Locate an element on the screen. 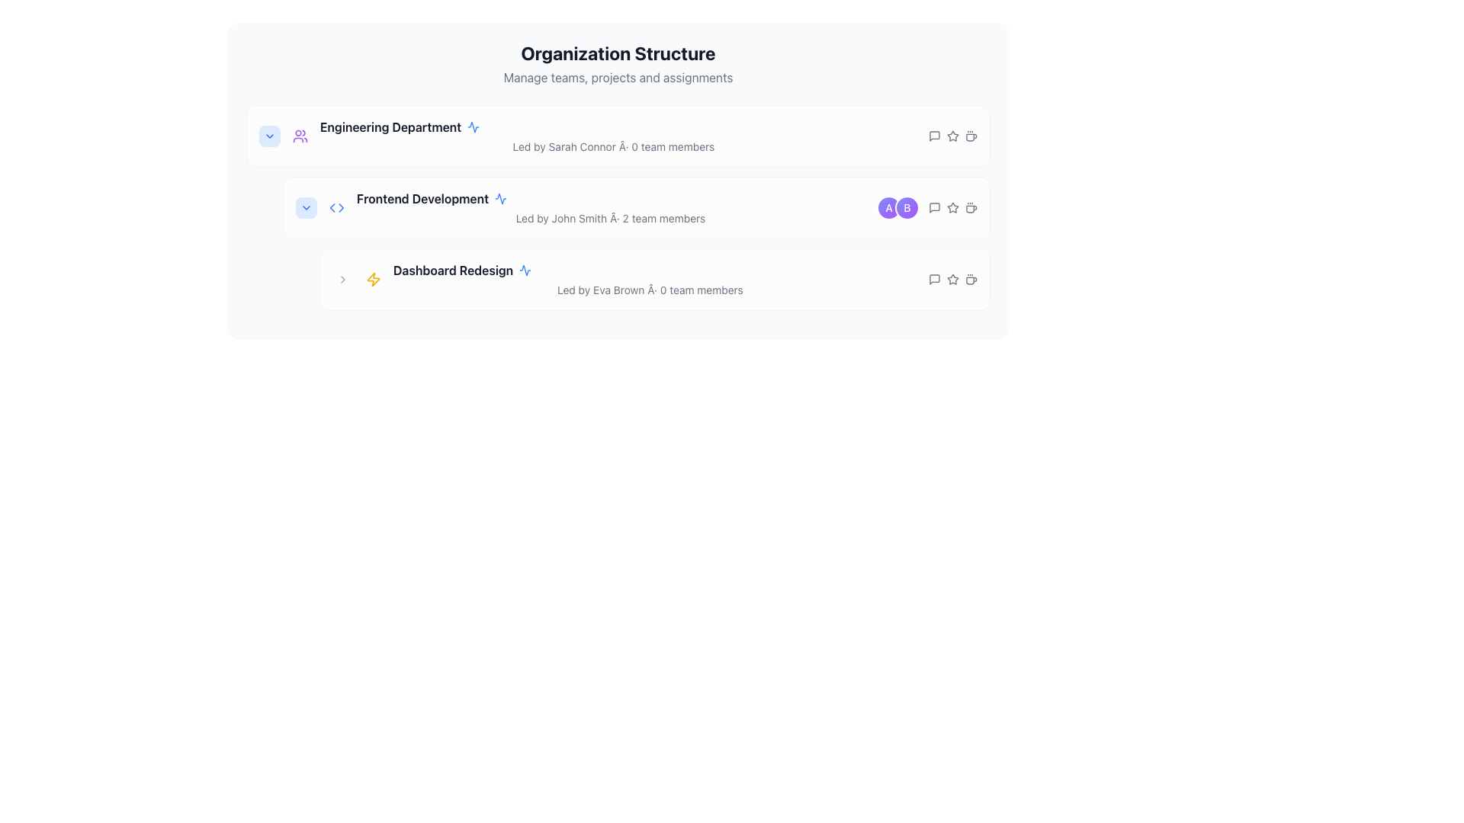 This screenshot has height=823, width=1464. the small star-shaped icon located in the middle-right portion of the interface is located at coordinates (952, 207).